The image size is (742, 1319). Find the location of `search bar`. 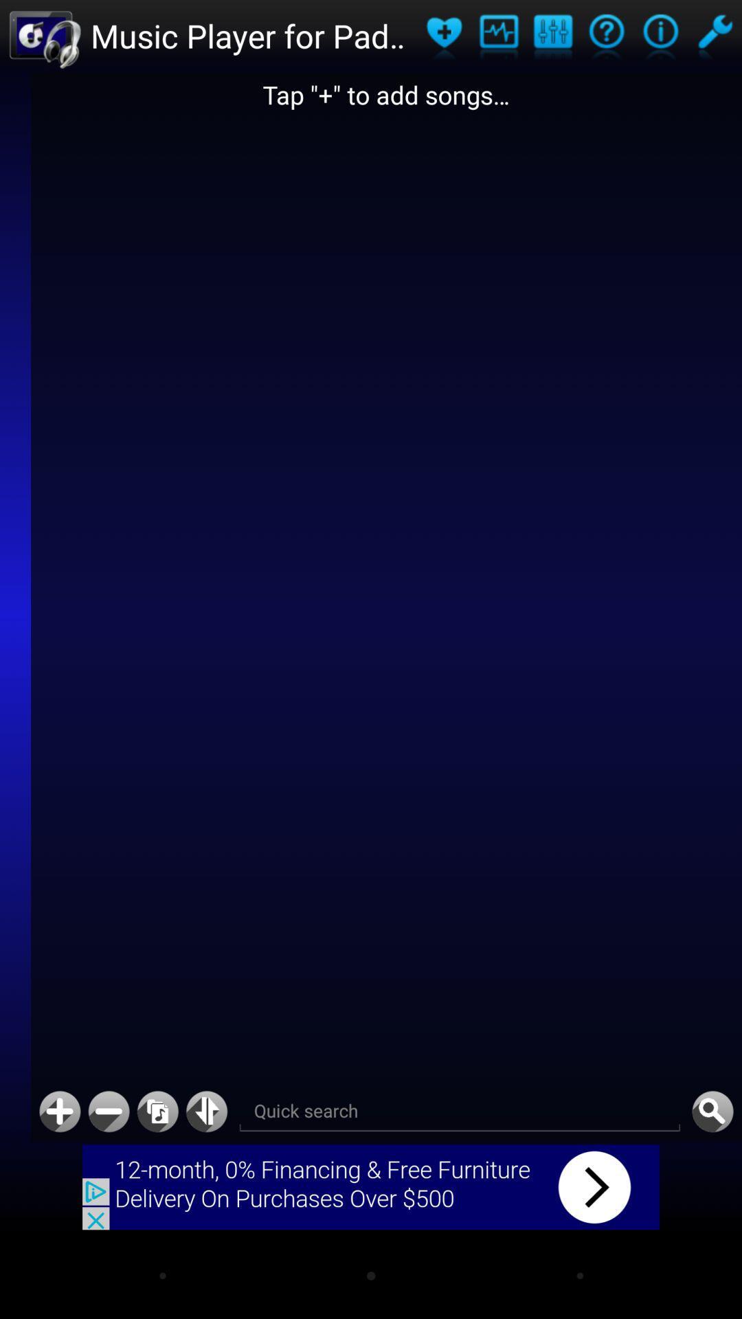

search bar is located at coordinates (460, 1112).